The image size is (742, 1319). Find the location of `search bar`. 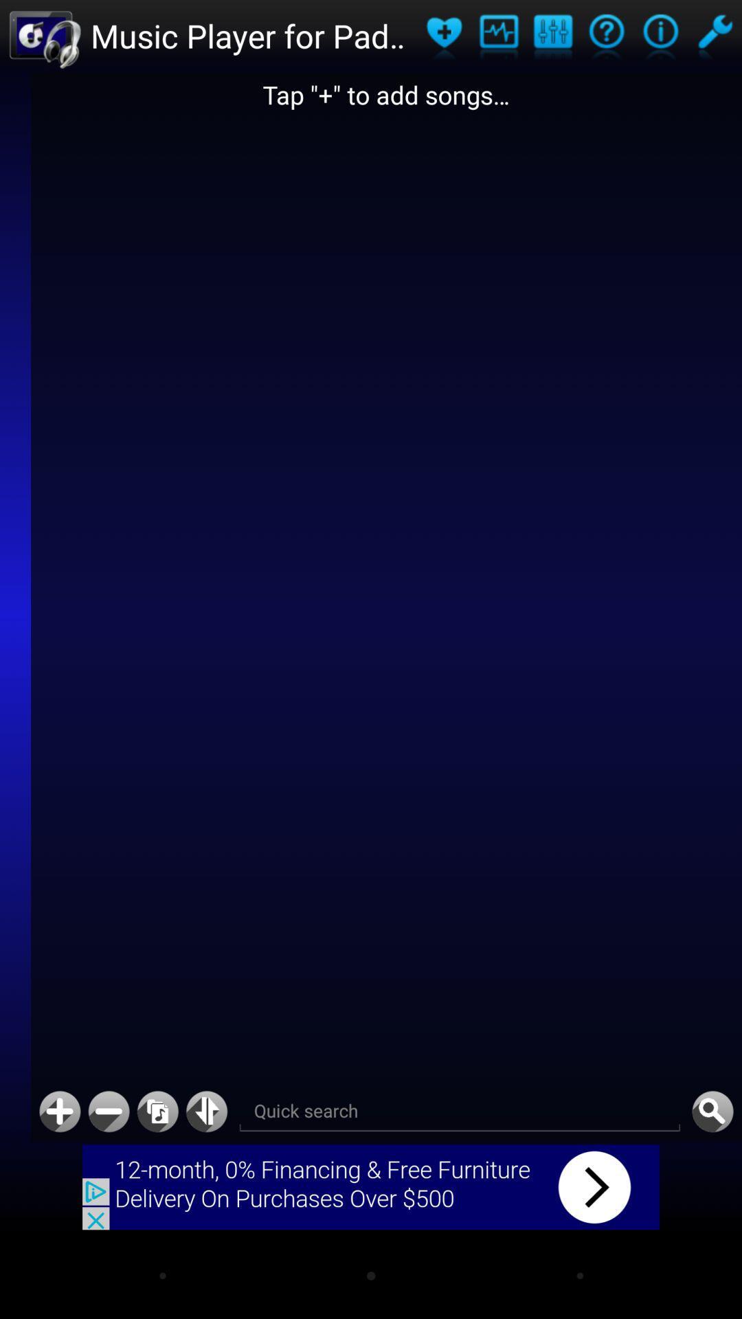

search bar is located at coordinates (460, 1112).